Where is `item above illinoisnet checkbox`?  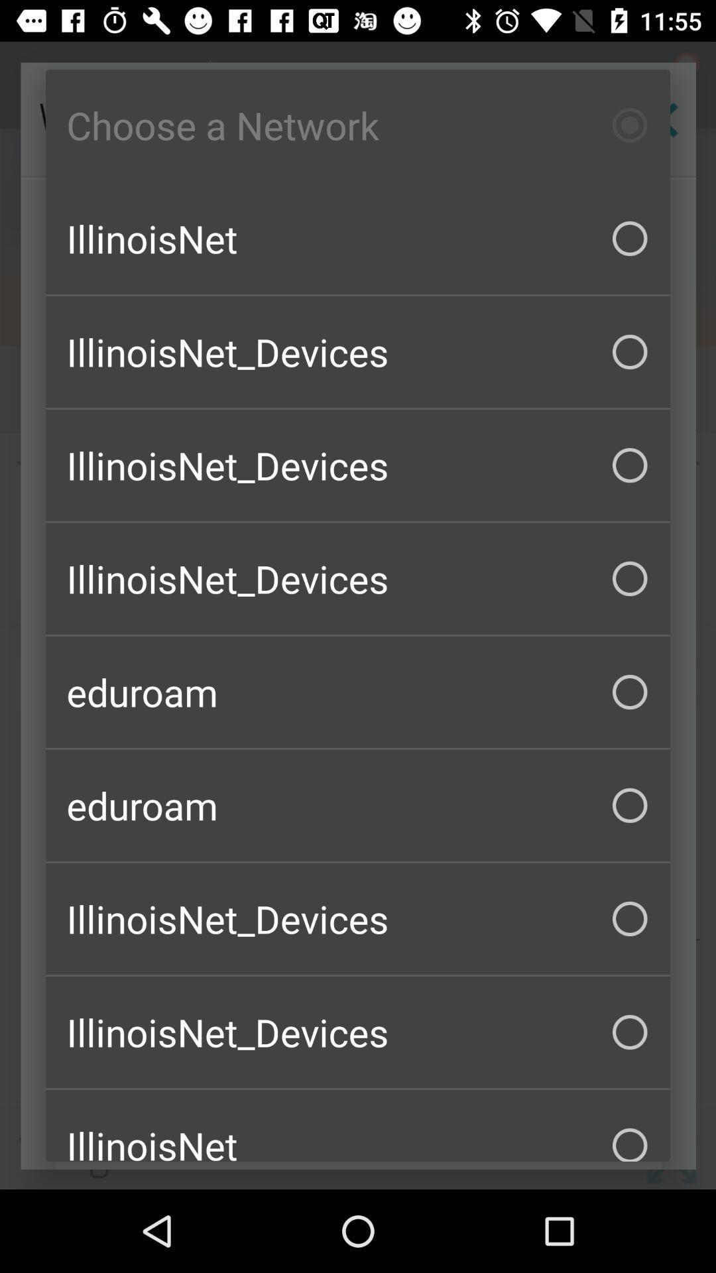 item above illinoisnet checkbox is located at coordinates (358, 125).